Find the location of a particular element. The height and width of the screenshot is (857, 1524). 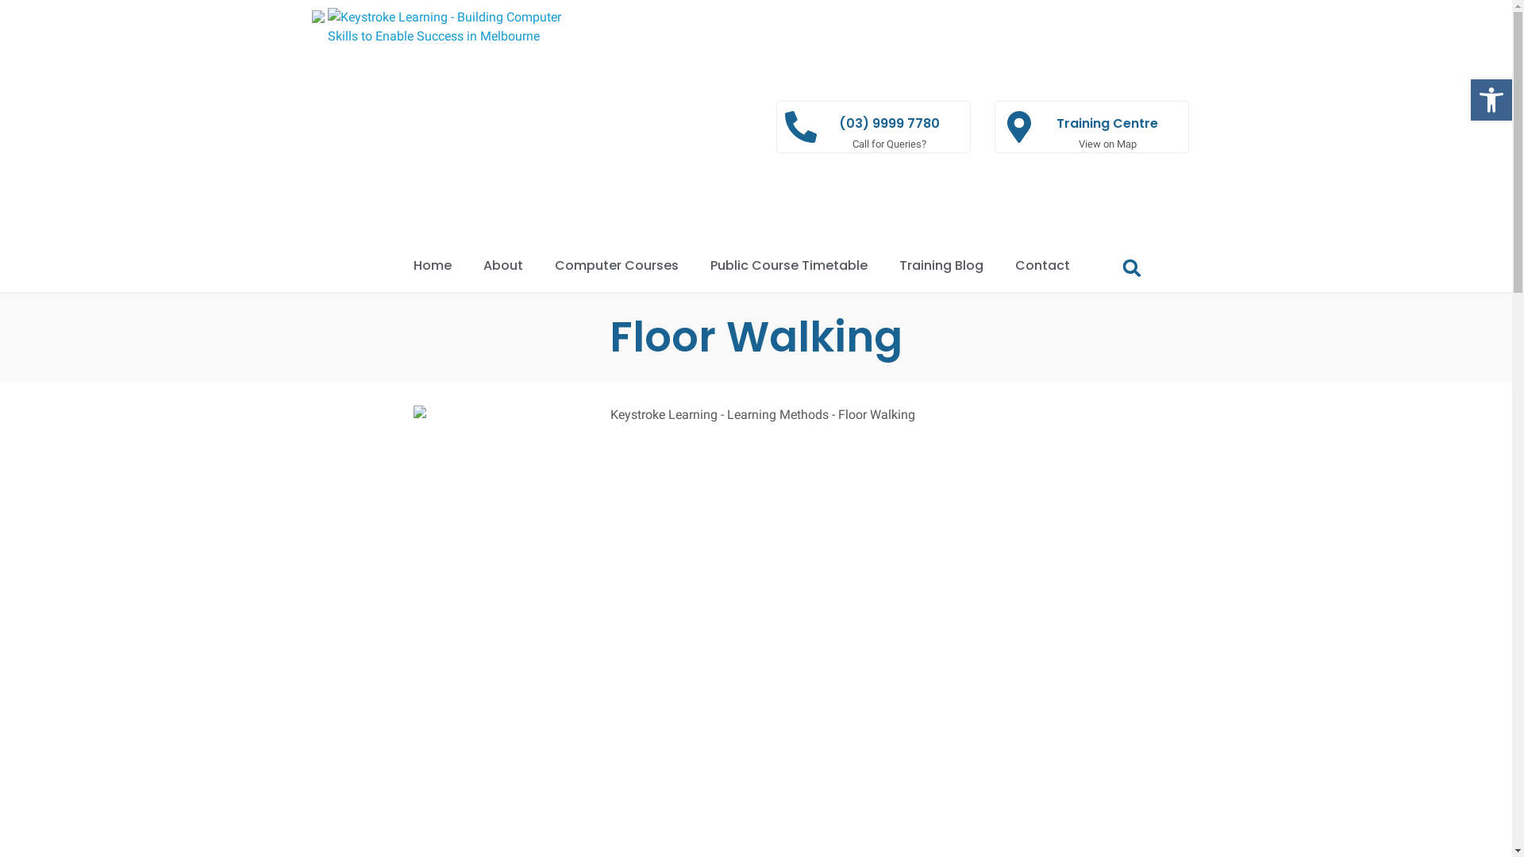

'Contact' is located at coordinates (998, 265).